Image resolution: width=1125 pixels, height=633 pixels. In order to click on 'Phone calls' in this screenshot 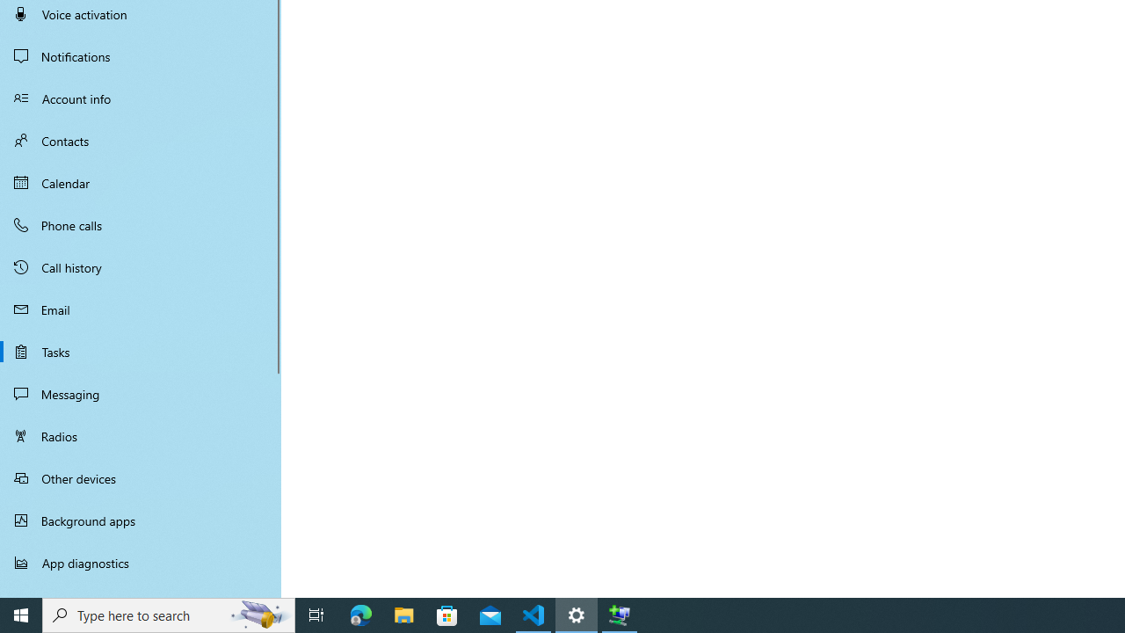, I will do `click(141, 223)`.